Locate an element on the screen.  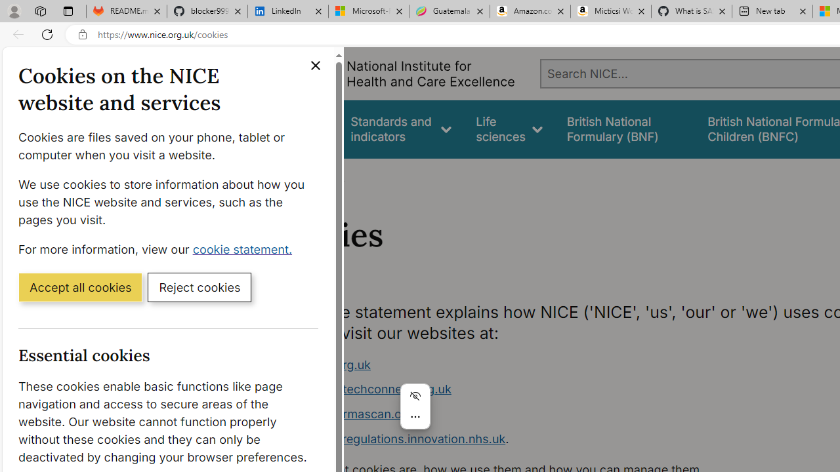
'Guidance' is located at coordinates (300, 129).